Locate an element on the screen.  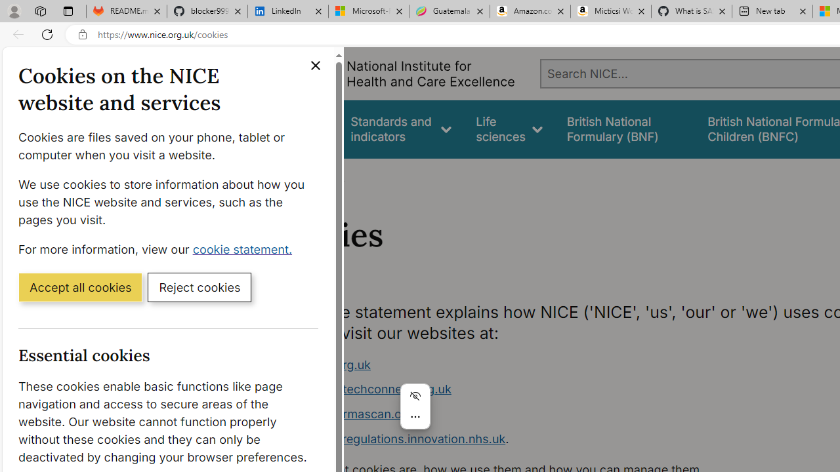
'Guidance' is located at coordinates (300, 129).